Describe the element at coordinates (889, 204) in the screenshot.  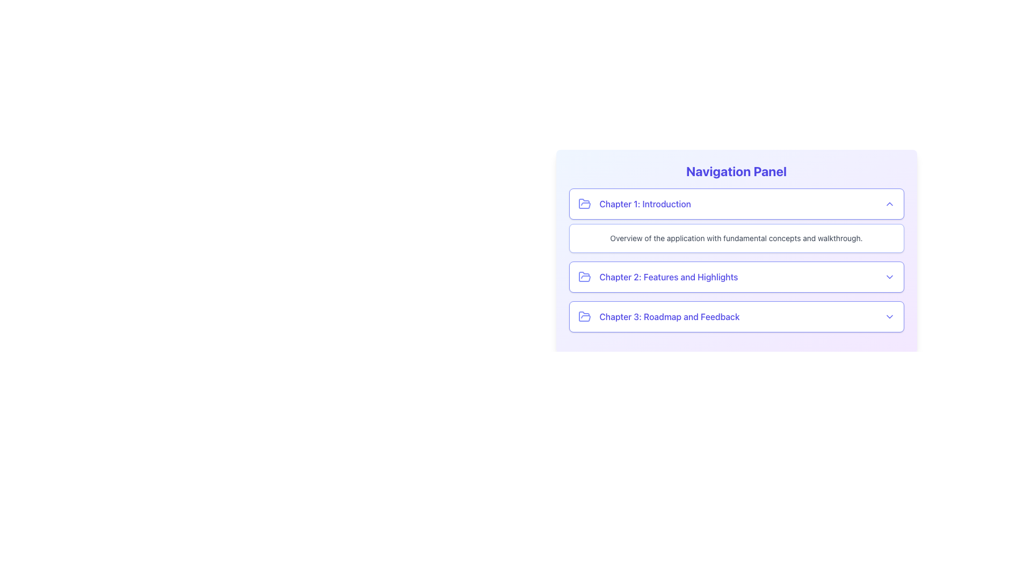
I see `the upward-pointing chevron button in vibrant indigo color located at the rightmost side of the navigation panel` at that location.